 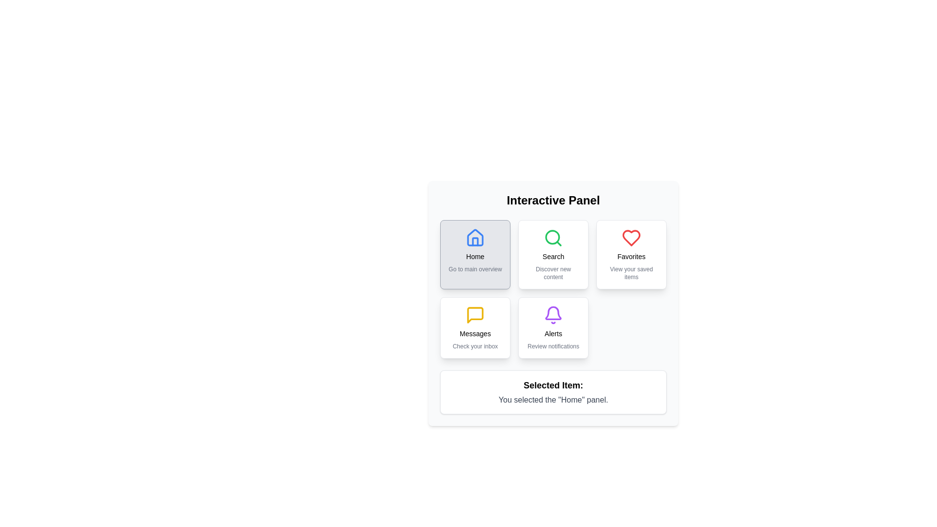 I want to click on the yellow speech bubble icon in the 'Messages' panel, located at the bottom-left corner of the grid within the 'Interactive Panel', so click(x=475, y=315).